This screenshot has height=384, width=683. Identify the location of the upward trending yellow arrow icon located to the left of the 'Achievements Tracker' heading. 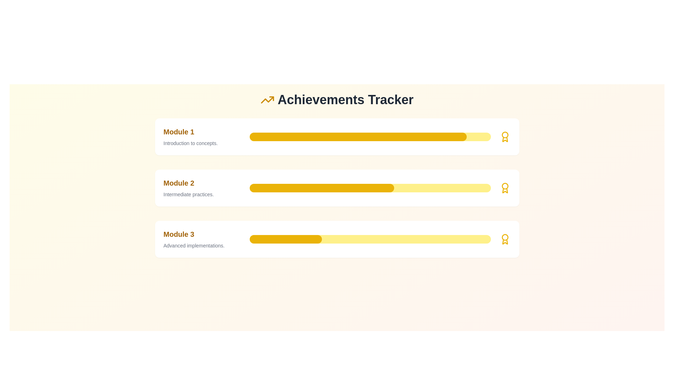
(267, 100).